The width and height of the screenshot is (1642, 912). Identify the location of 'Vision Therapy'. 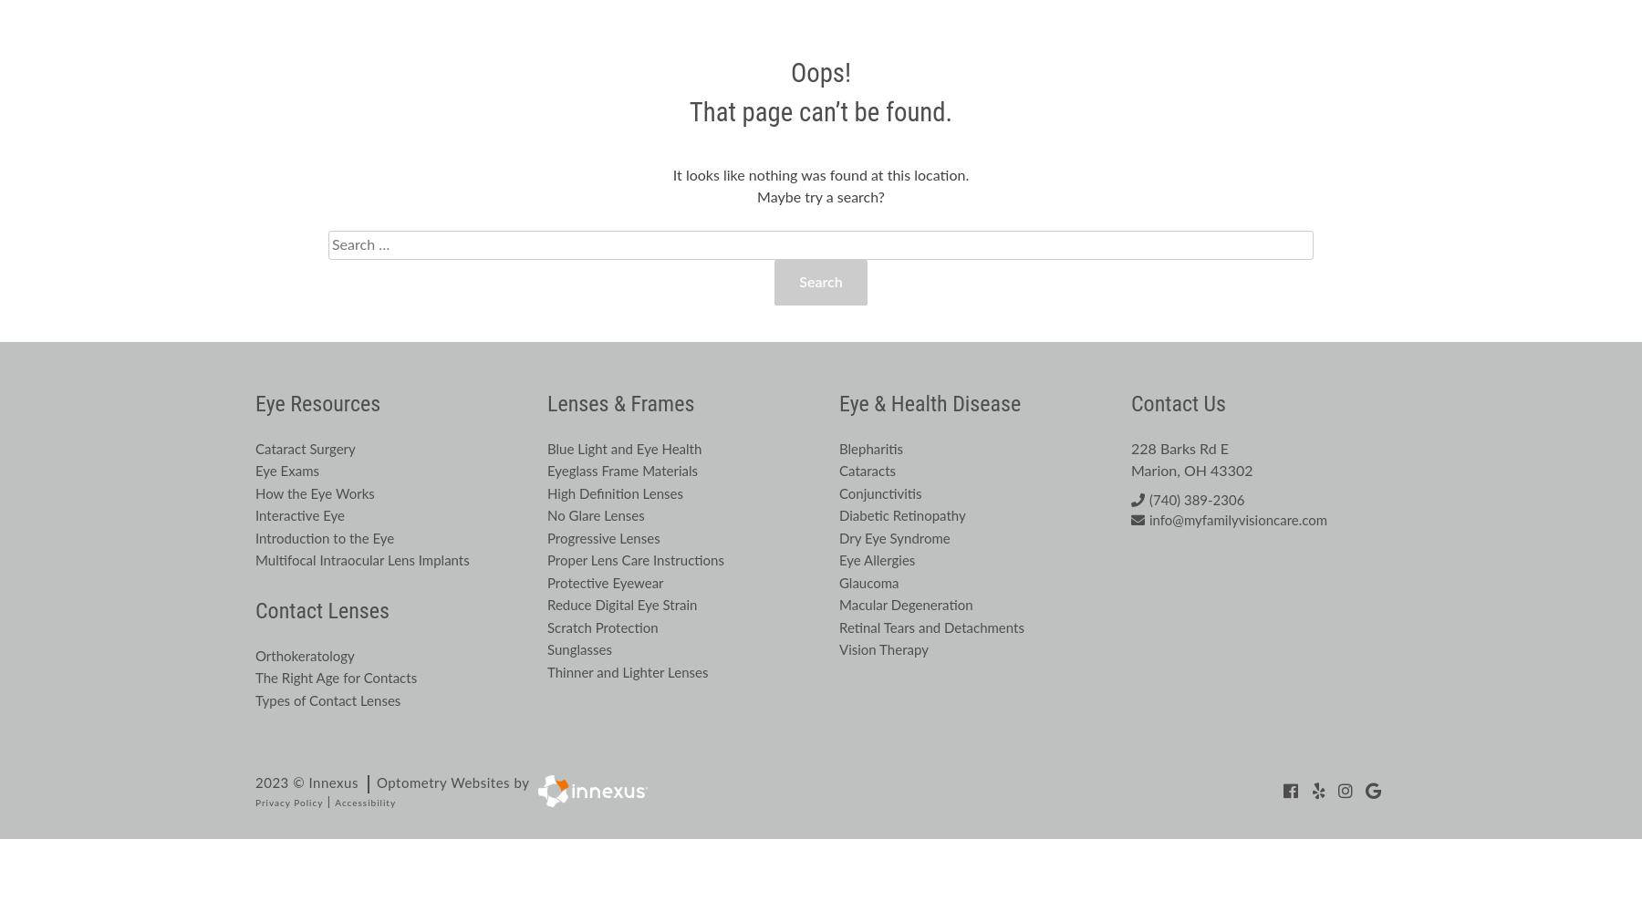
(882, 649).